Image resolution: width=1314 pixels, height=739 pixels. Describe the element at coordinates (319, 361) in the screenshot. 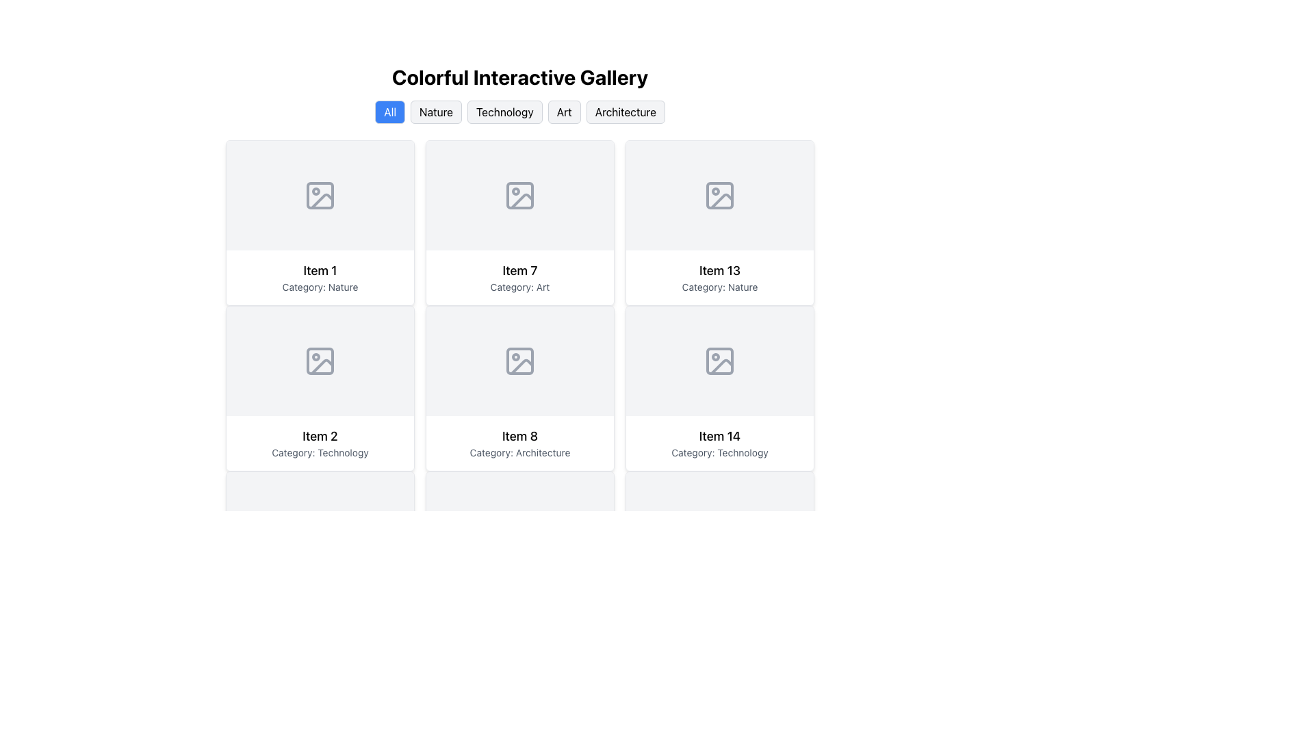

I see `the decorative part of the icon representing an image placeholder located in 'Item 2' of the grid layout, positioned near the top-left corner` at that location.